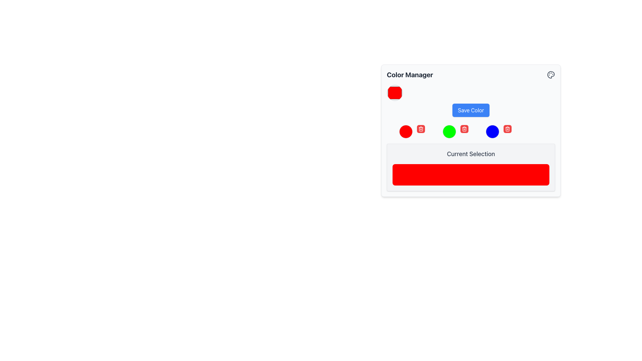 Image resolution: width=642 pixels, height=361 pixels. I want to click on the second circular button in the color selection tool, so click(449, 131).